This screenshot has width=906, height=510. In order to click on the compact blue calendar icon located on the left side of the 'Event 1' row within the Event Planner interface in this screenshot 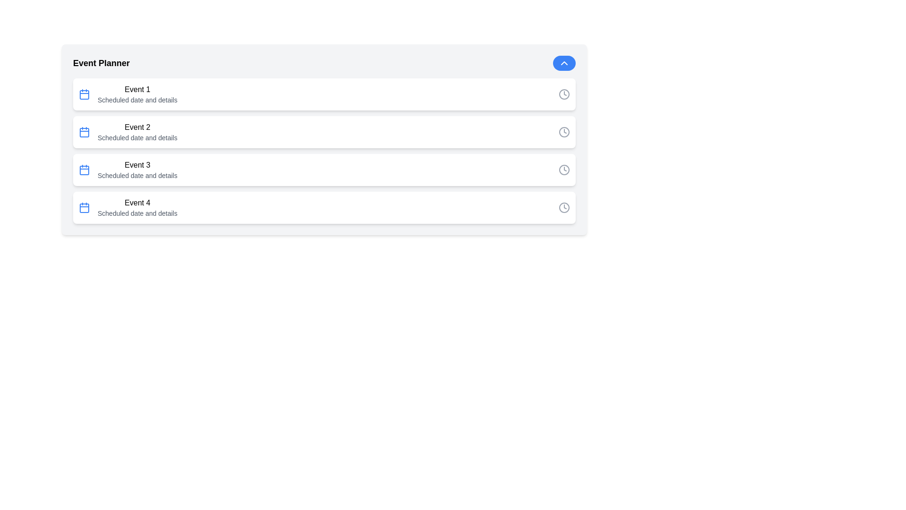, I will do `click(84, 94)`.